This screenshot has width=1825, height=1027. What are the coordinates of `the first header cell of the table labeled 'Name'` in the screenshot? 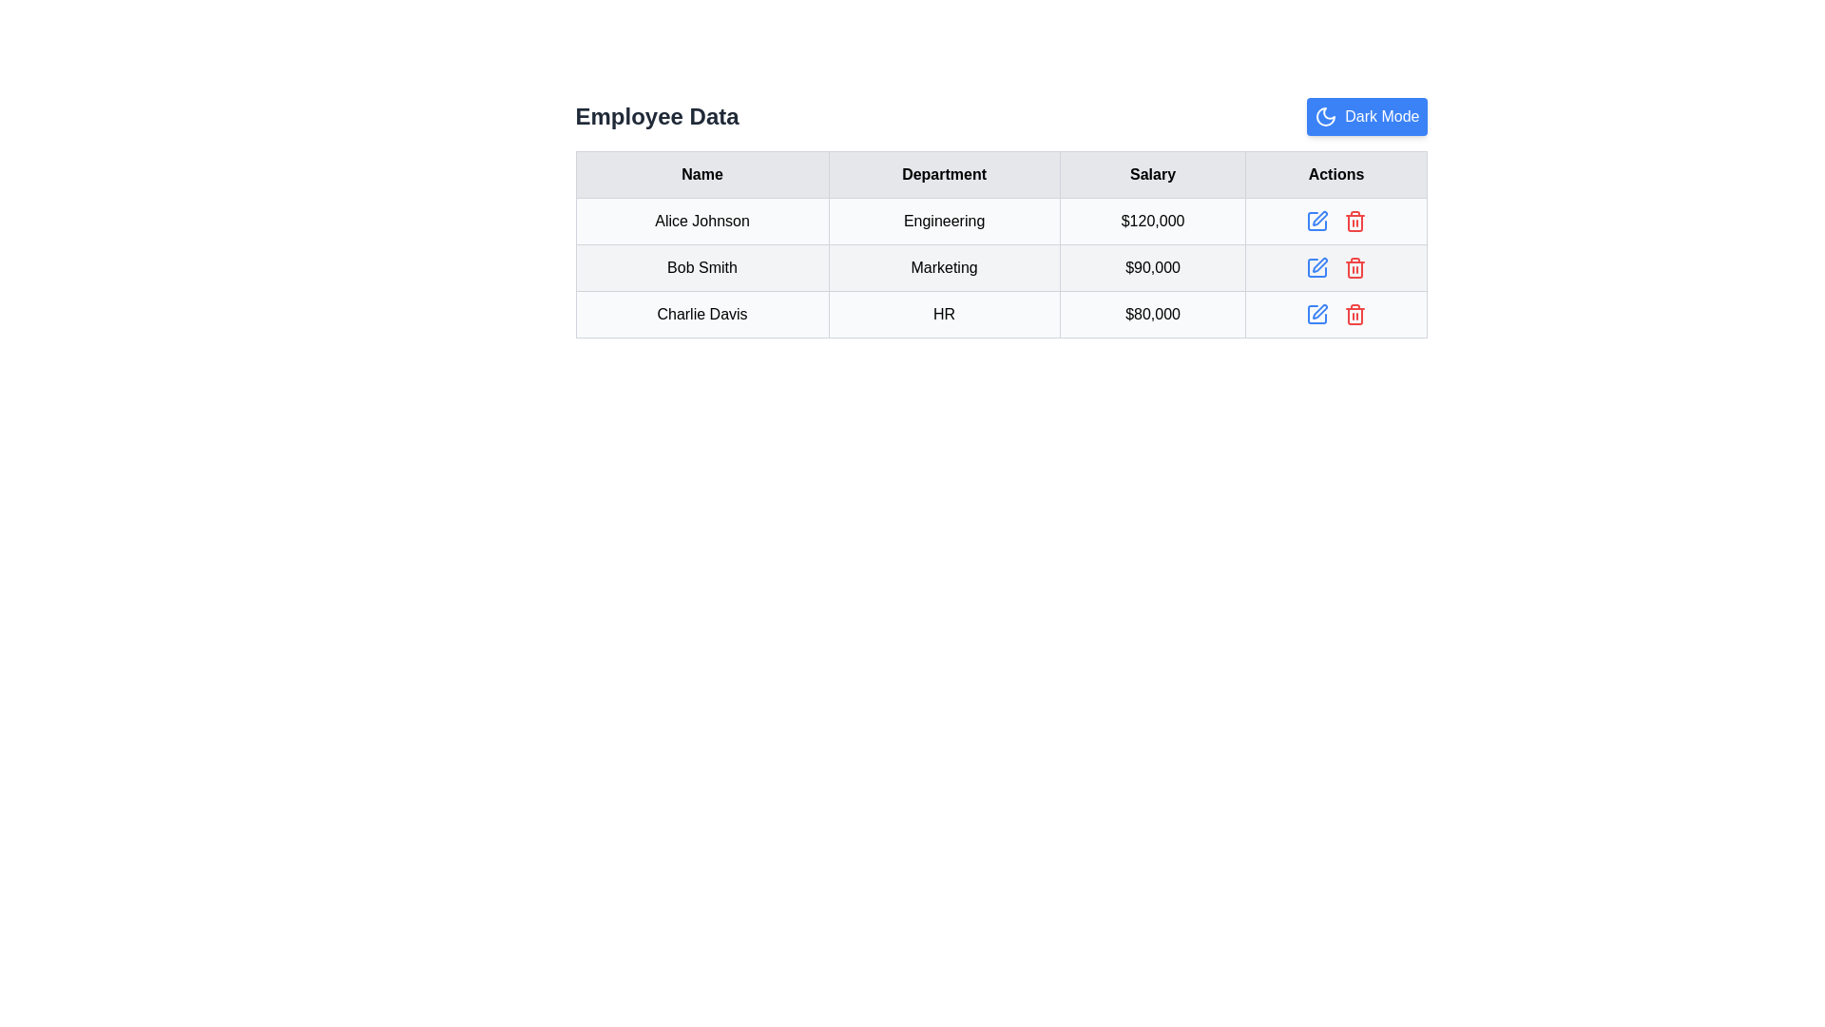 It's located at (701, 175).